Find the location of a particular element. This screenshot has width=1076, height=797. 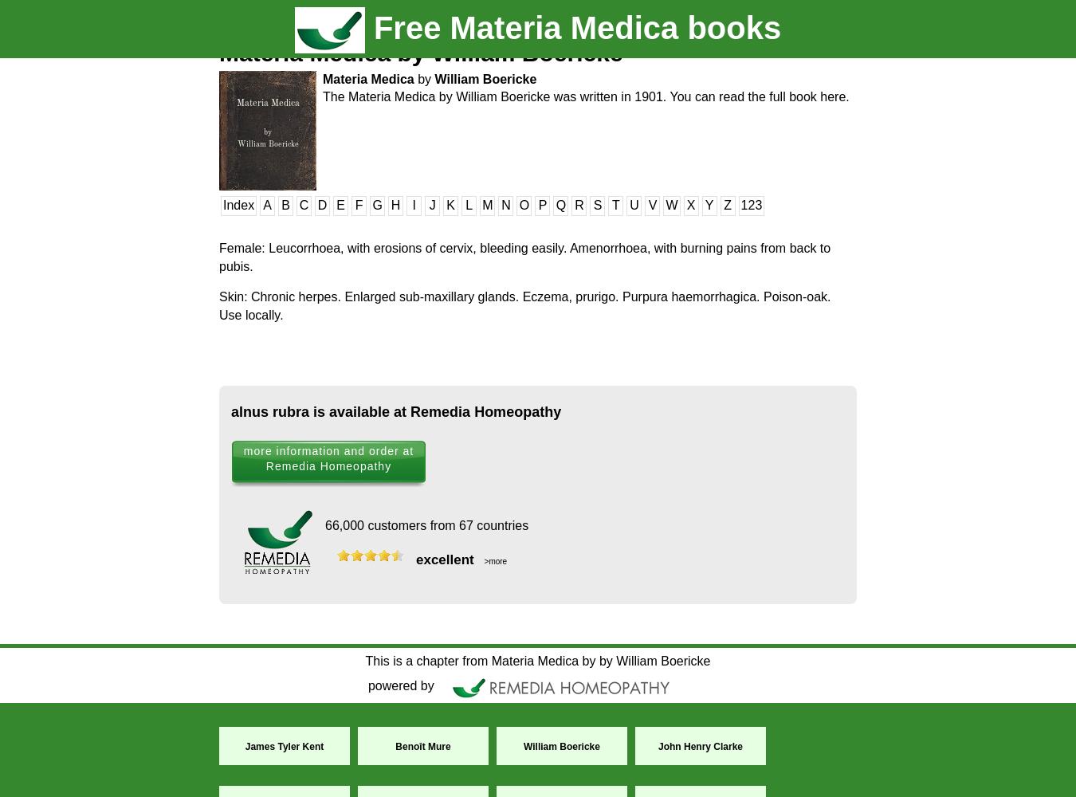

'powered by' is located at coordinates (402, 685).